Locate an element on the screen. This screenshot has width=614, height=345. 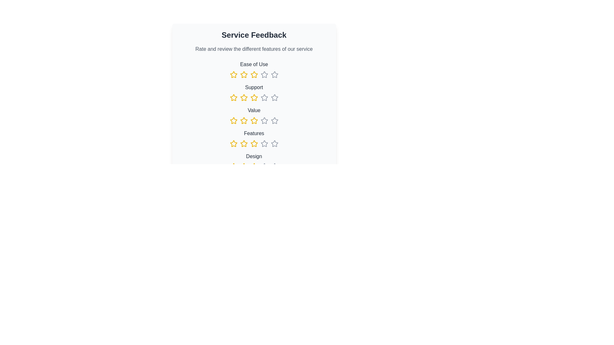
the fourth star icon in the second row of star ratings, labeled 'Support', to assign a rating is located at coordinates (274, 97).